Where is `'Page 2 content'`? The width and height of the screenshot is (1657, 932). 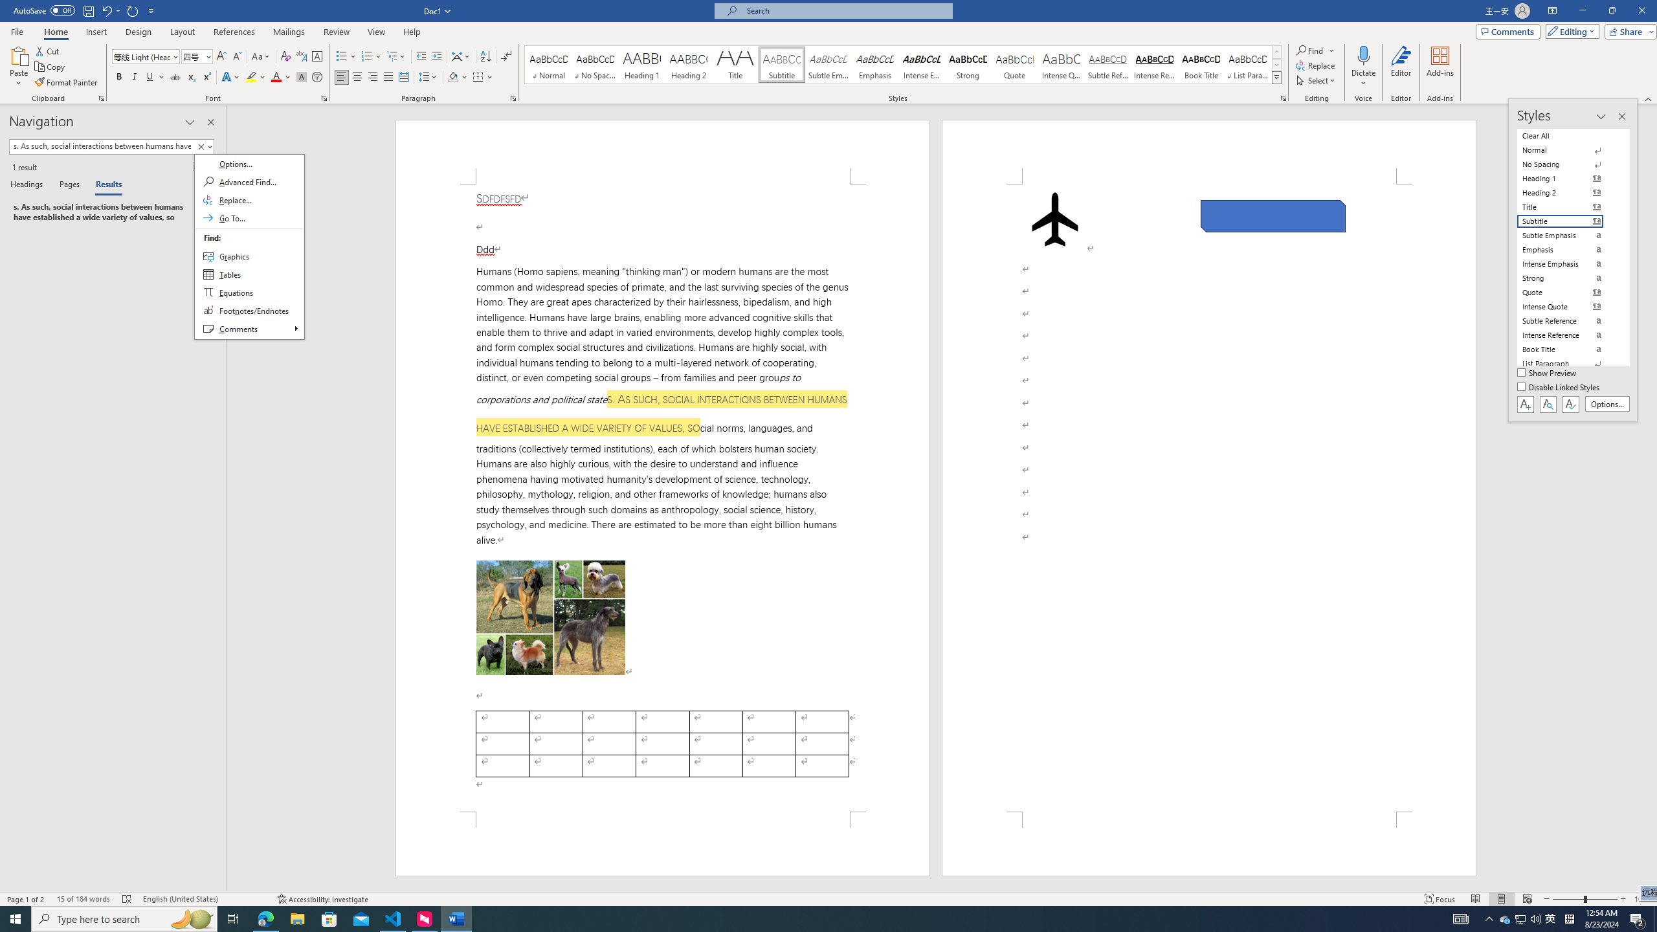 'Page 2 content' is located at coordinates (1208, 498).